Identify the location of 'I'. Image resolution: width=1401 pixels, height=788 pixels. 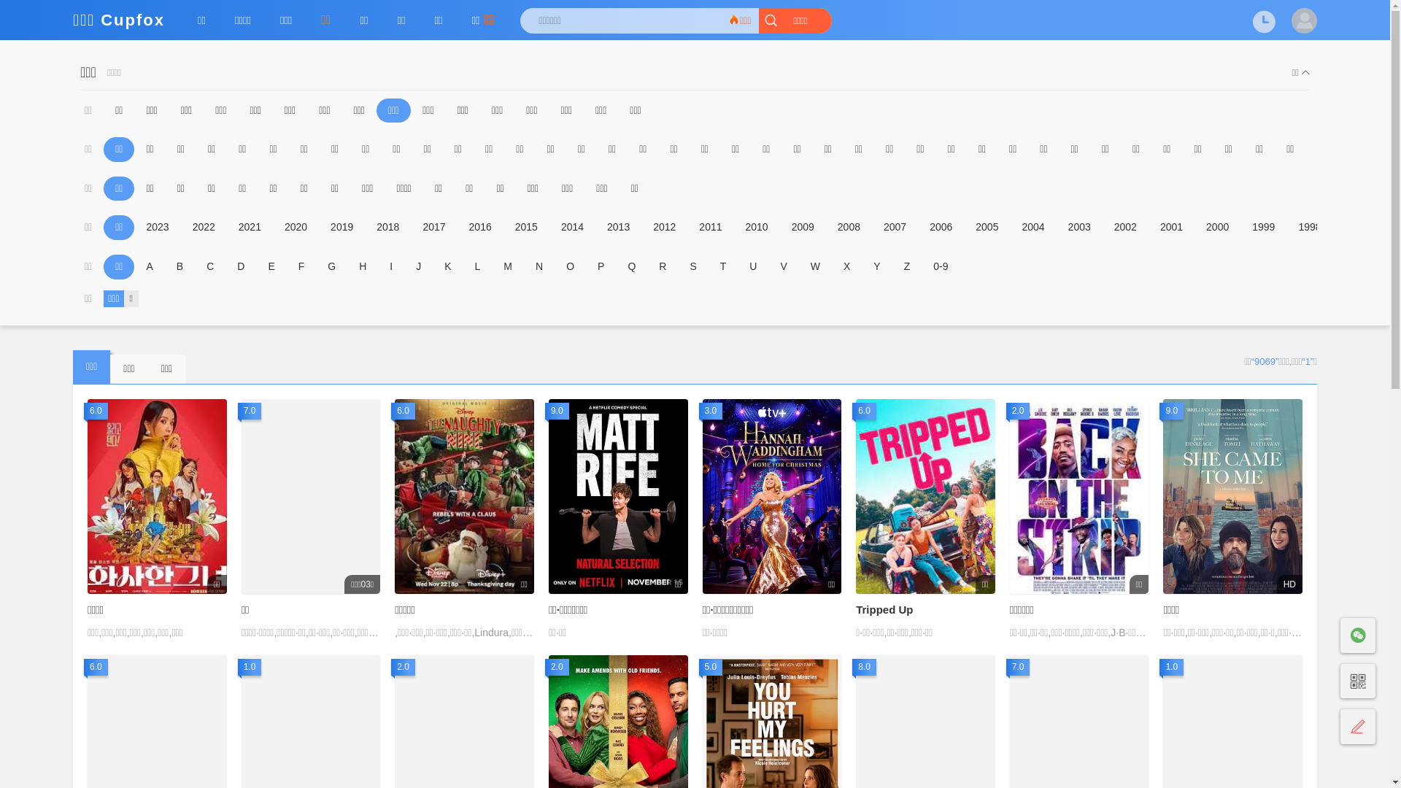
(391, 267).